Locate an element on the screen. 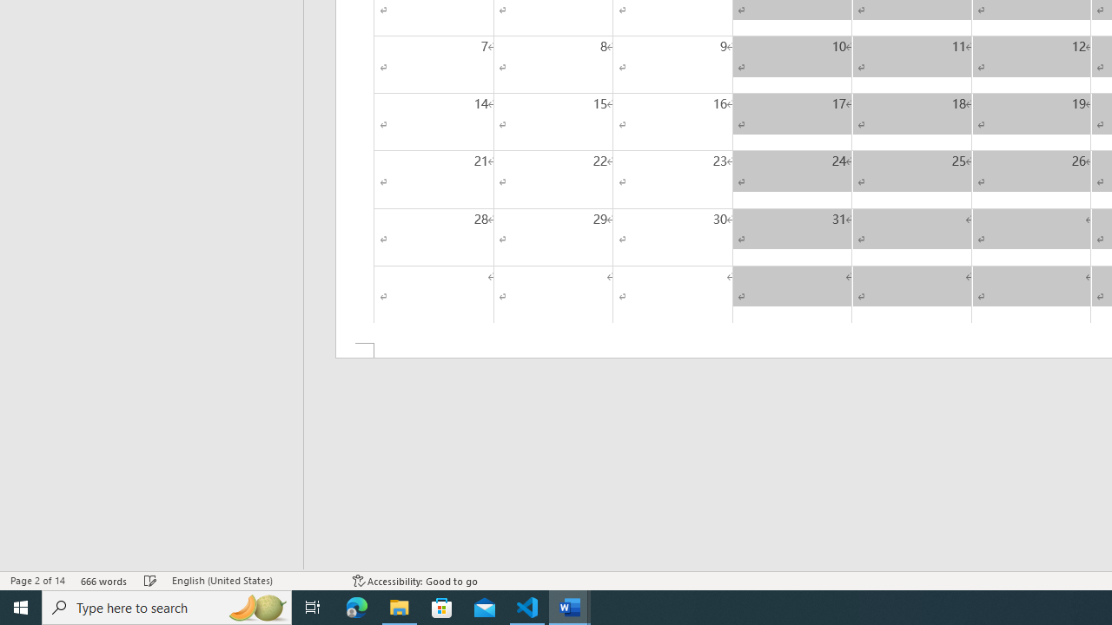  'File Explorer - 1 running window' is located at coordinates (399, 606).